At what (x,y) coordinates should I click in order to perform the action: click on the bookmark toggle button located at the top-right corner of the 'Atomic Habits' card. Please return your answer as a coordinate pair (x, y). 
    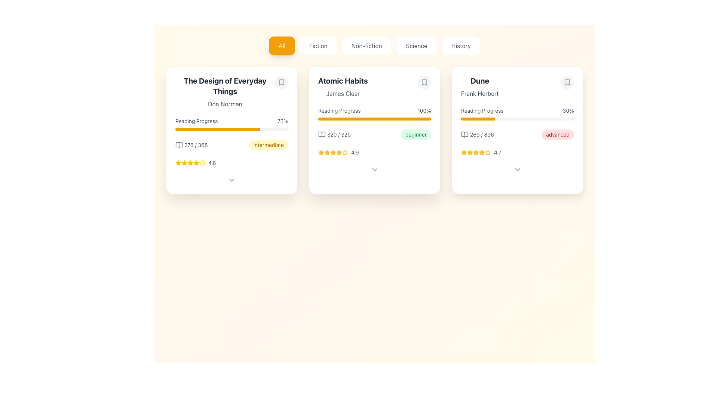
    Looking at the image, I should click on (424, 82).